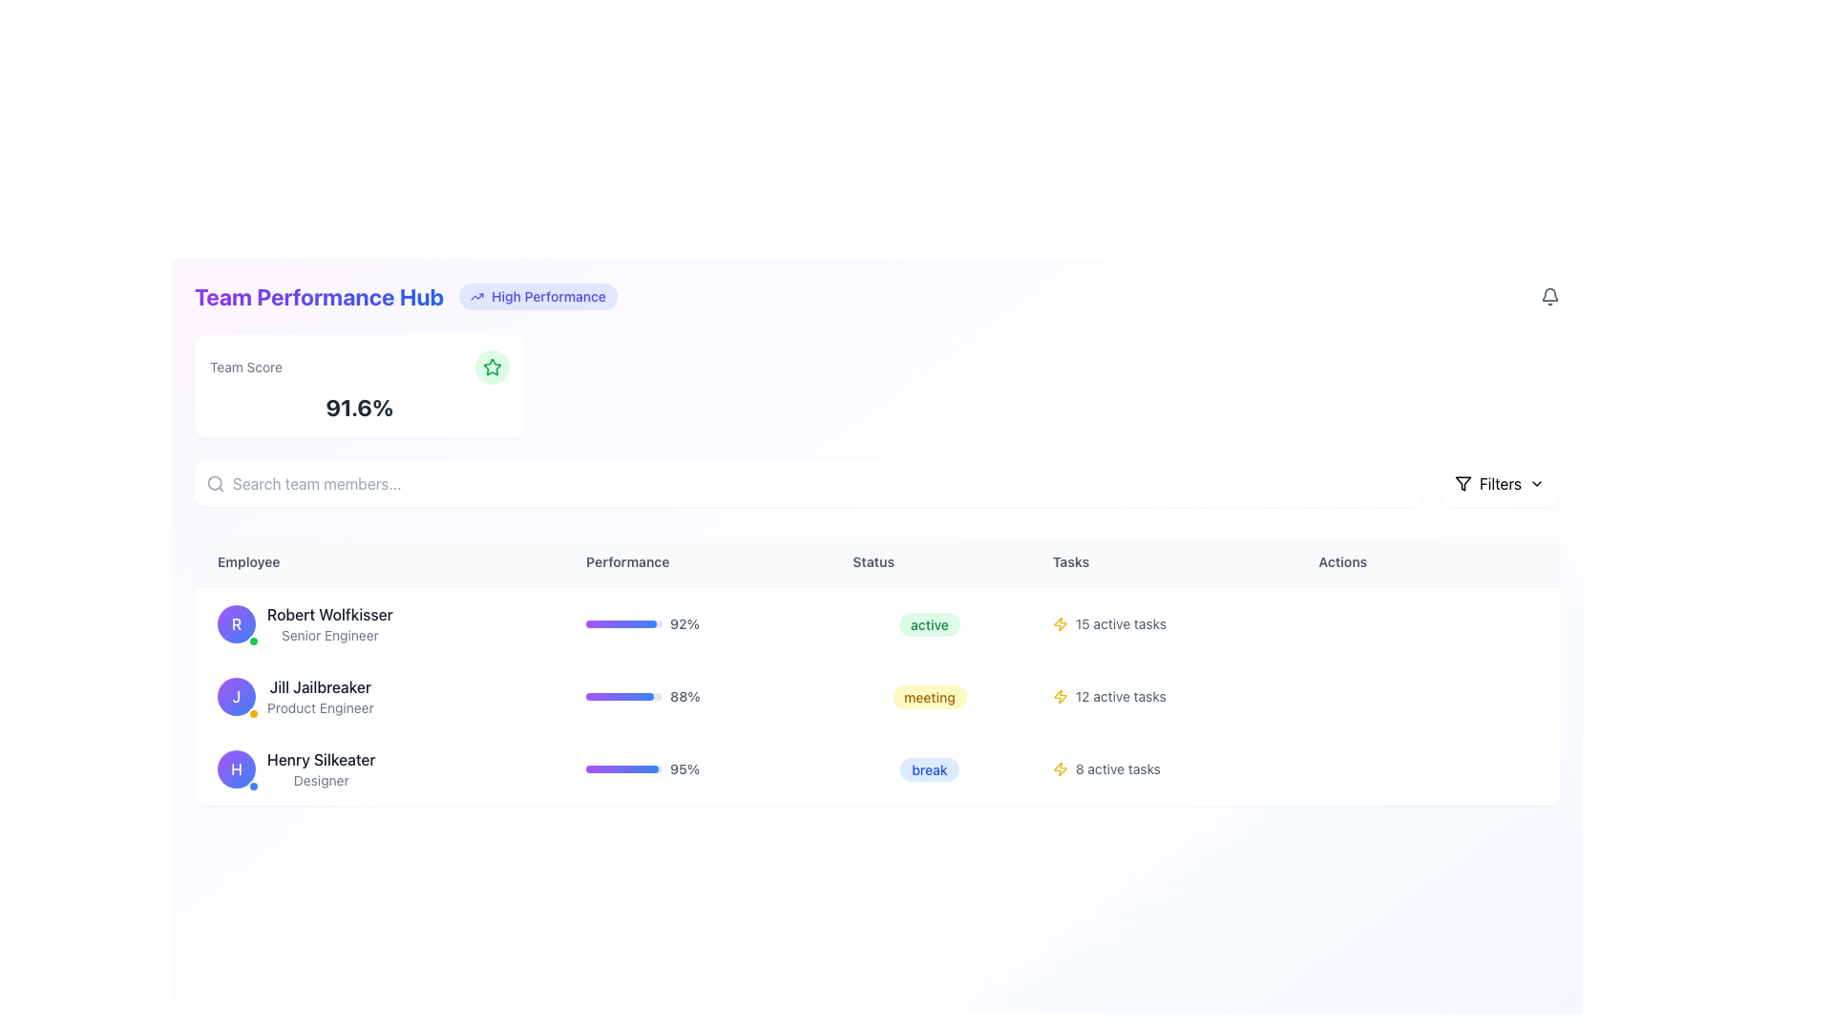  Describe the element at coordinates (252, 714) in the screenshot. I see `properties of the status badge located at the bottom-right edge of the circular profile icon for Jill Jailbreaker, the second employee listed` at that location.